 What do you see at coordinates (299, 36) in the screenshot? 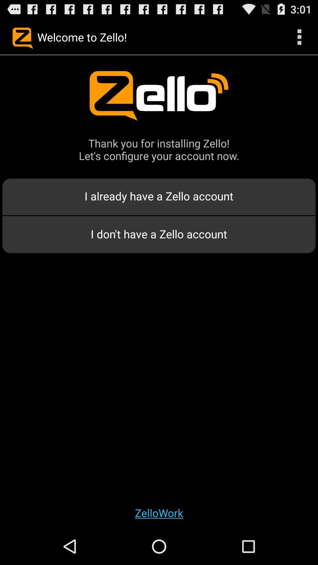
I see `the item next to welcome to zello! item` at bounding box center [299, 36].